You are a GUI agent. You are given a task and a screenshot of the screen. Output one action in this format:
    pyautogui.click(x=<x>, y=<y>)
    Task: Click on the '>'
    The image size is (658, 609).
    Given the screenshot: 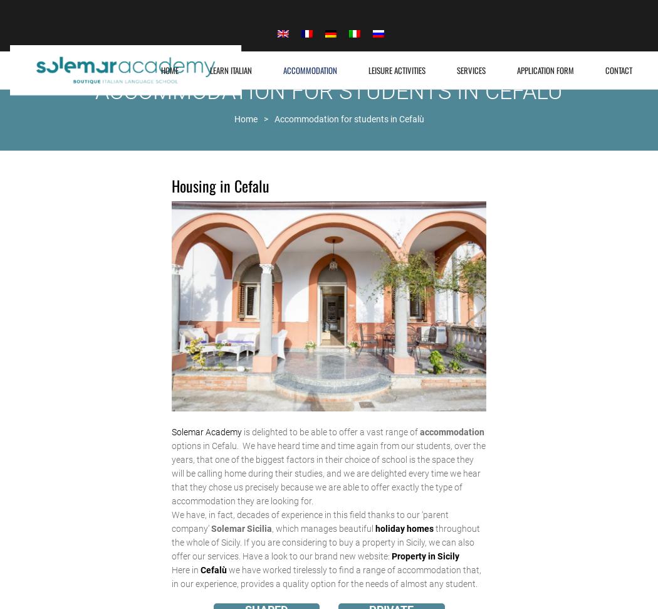 What is the action you would take?
    pyautogui.click(x=264, y=119)
    